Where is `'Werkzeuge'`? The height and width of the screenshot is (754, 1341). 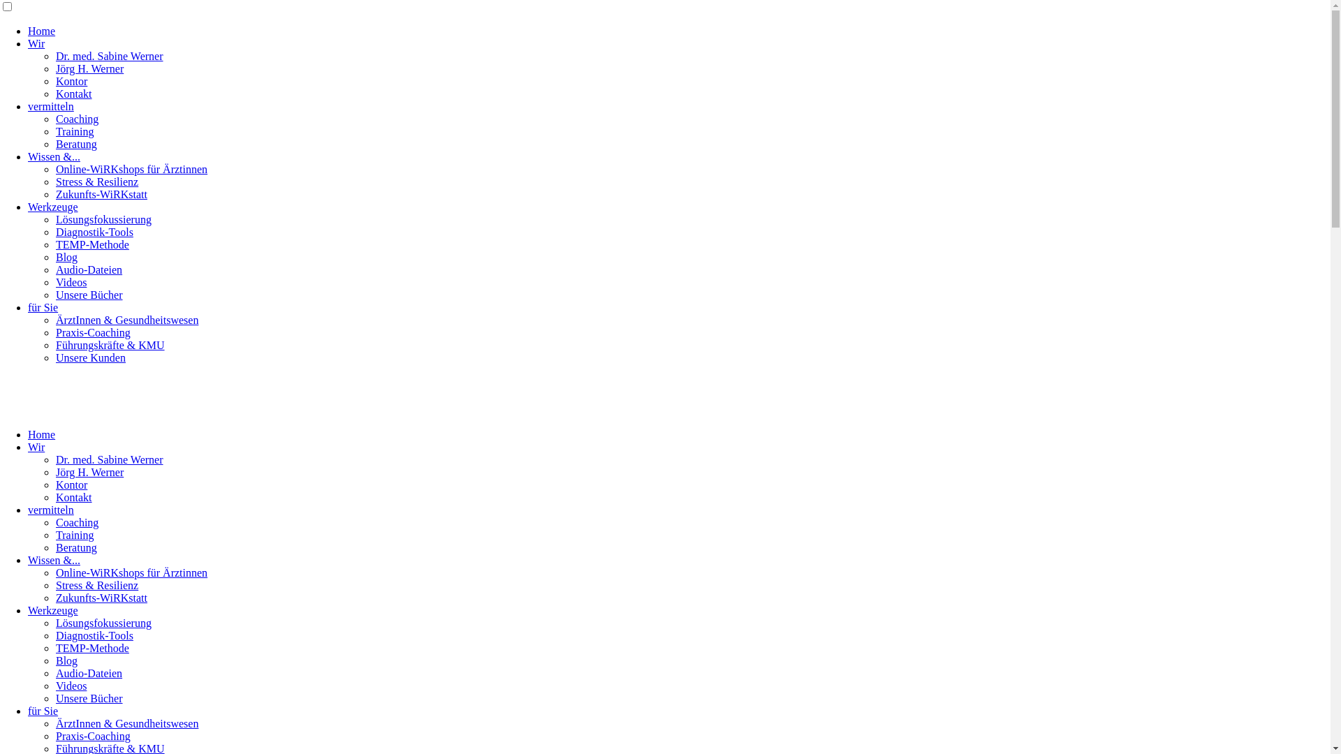
'Werkzeuge' is located at coordinates (53, 609).